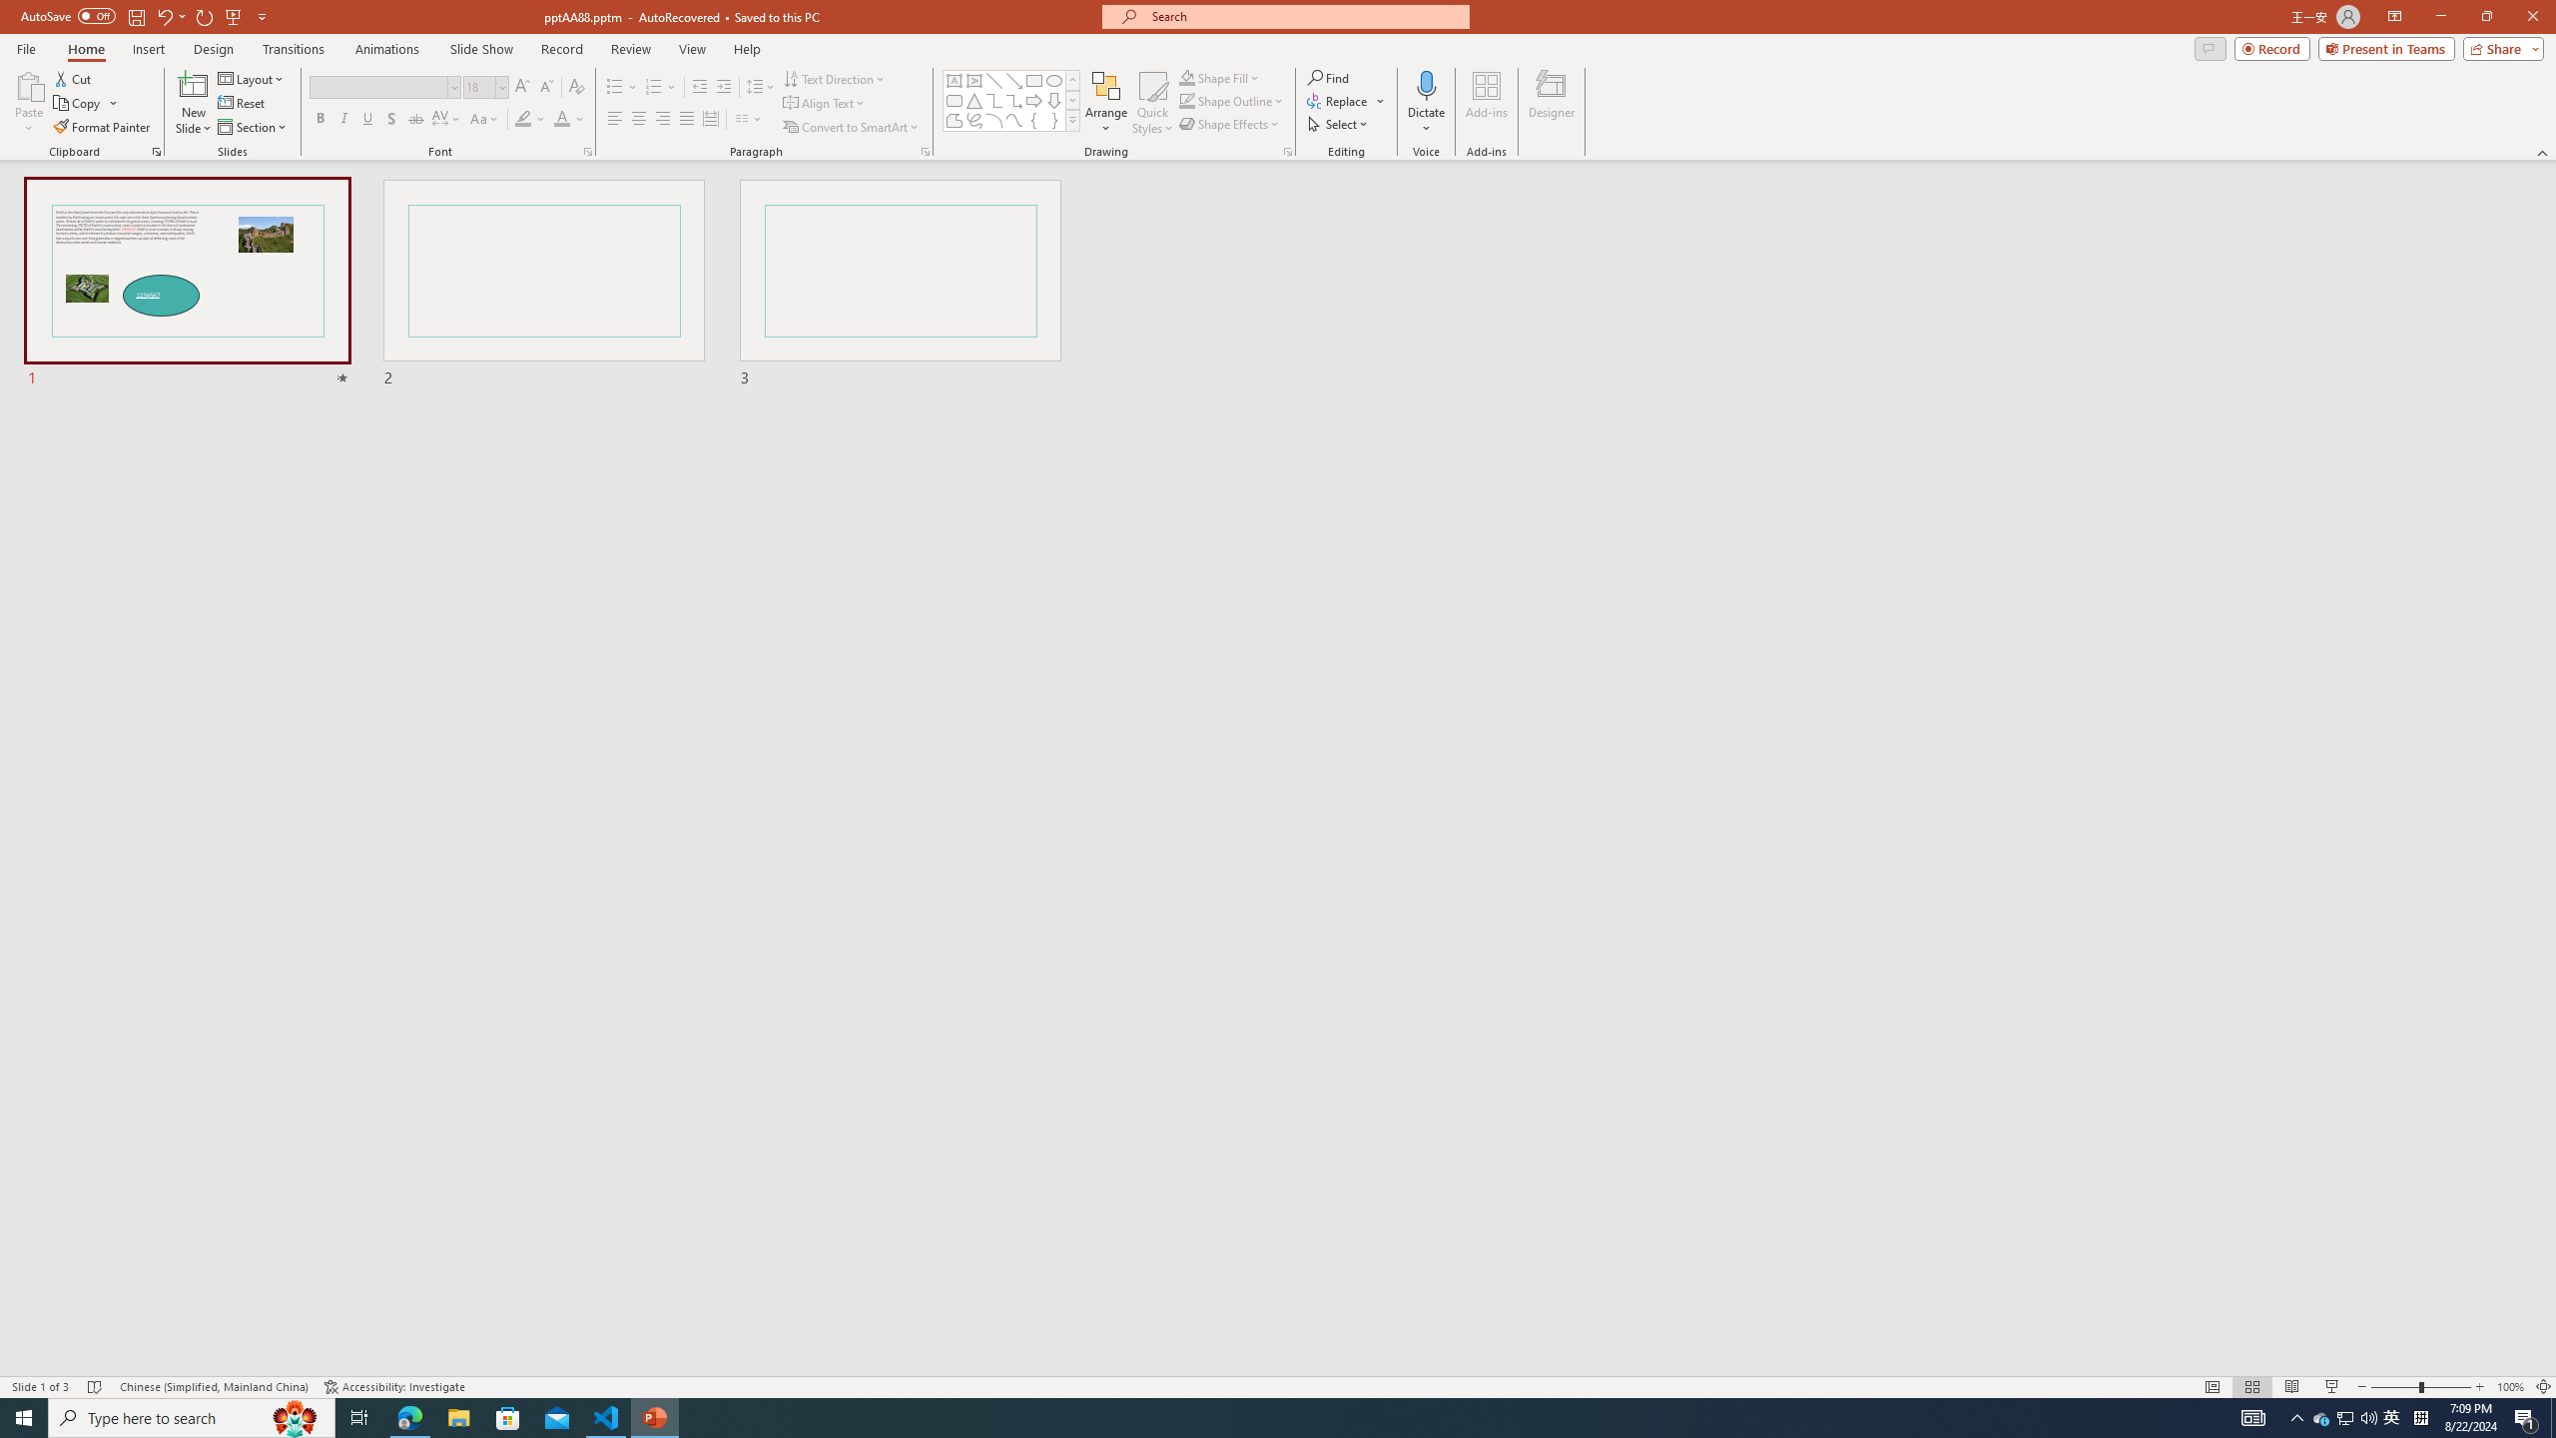 The width and height of the screenshot is (2556, 1438). I want to click on 'Layout', so click(252, 78).